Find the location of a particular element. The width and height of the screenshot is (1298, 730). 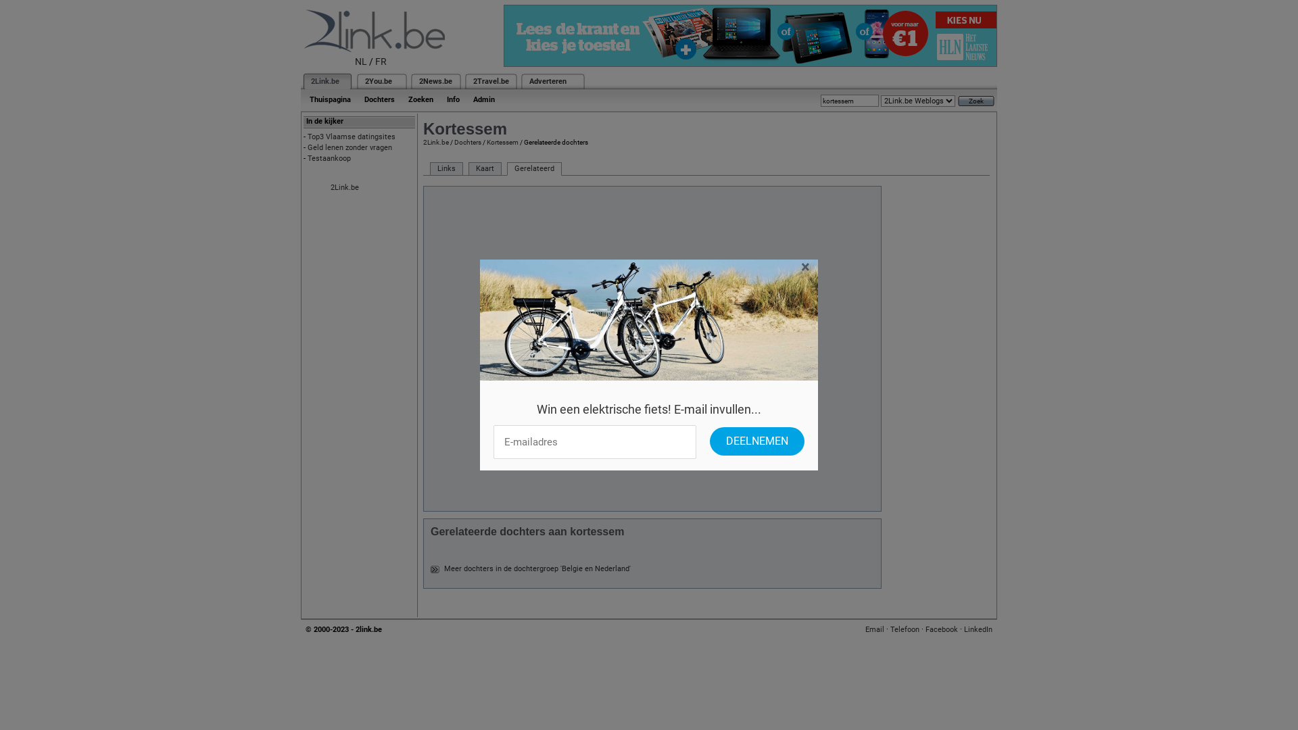

'Links' is located at coordinates (446, 168).